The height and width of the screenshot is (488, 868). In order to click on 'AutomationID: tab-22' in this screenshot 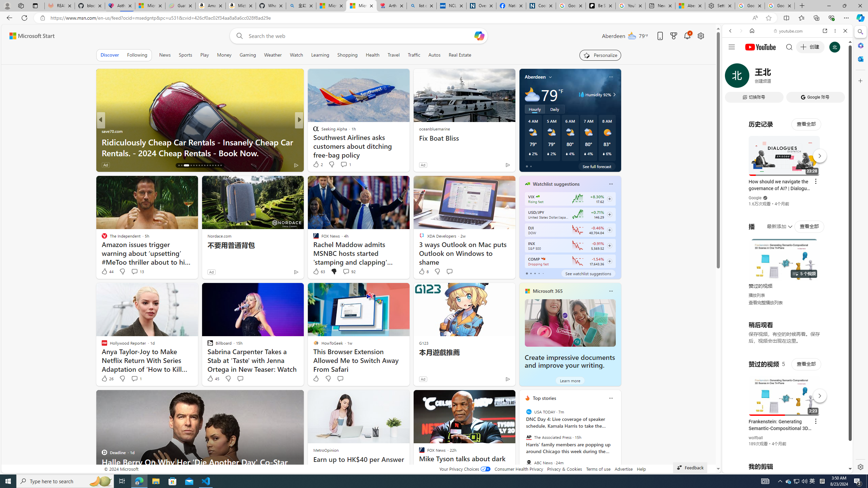, I will do `click(199, 165)`.